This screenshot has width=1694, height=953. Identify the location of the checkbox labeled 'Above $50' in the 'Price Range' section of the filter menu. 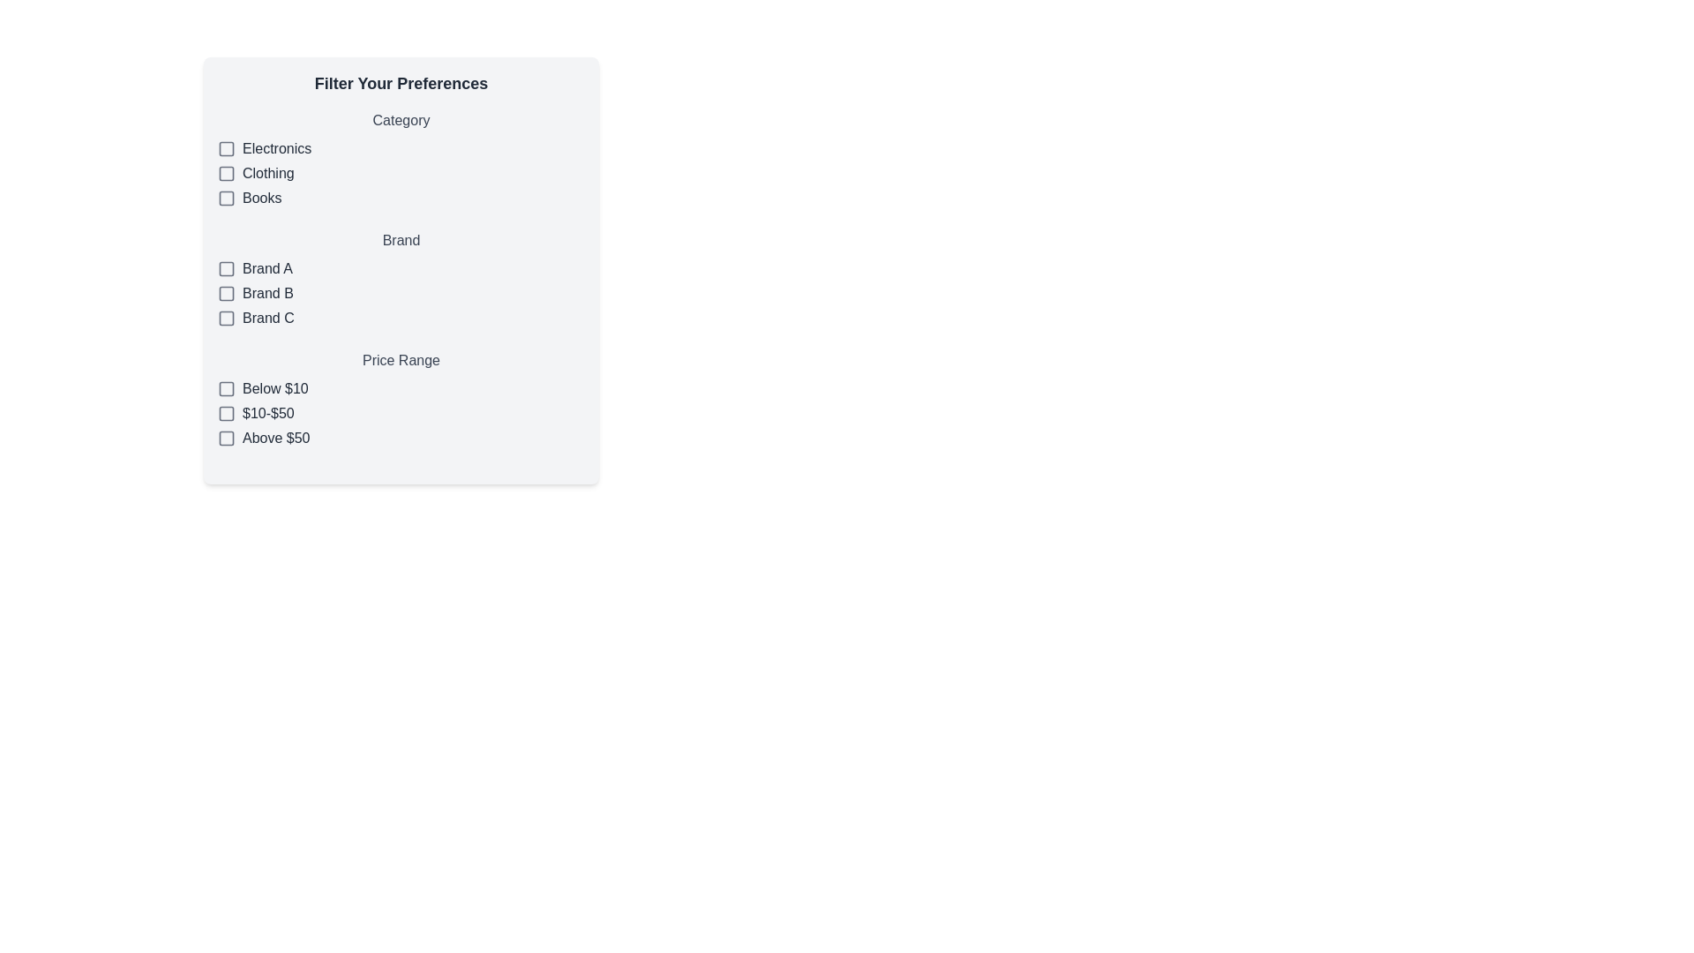
(401, 438).